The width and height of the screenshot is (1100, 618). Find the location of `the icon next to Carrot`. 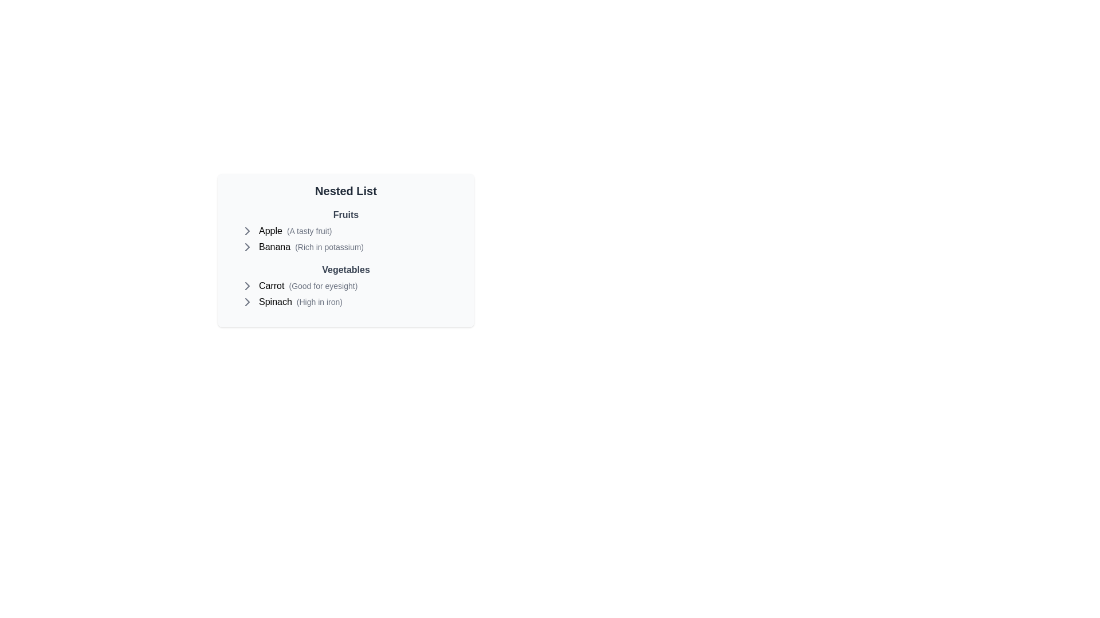

the icon next to Carrot is located at coordinates (247, 286).